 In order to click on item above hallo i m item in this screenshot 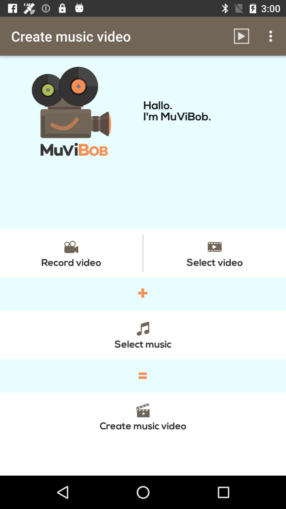, I will do `click(272, 36)`.